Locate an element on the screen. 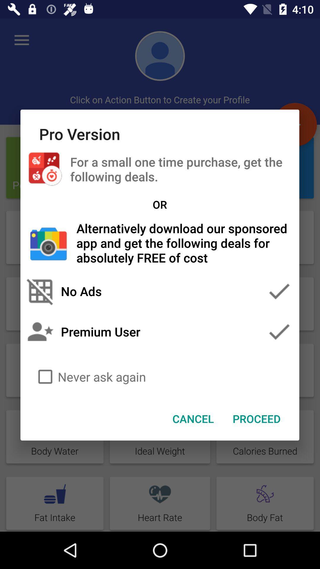  item to the right of the cancel item is located at coordinates (256, 418).